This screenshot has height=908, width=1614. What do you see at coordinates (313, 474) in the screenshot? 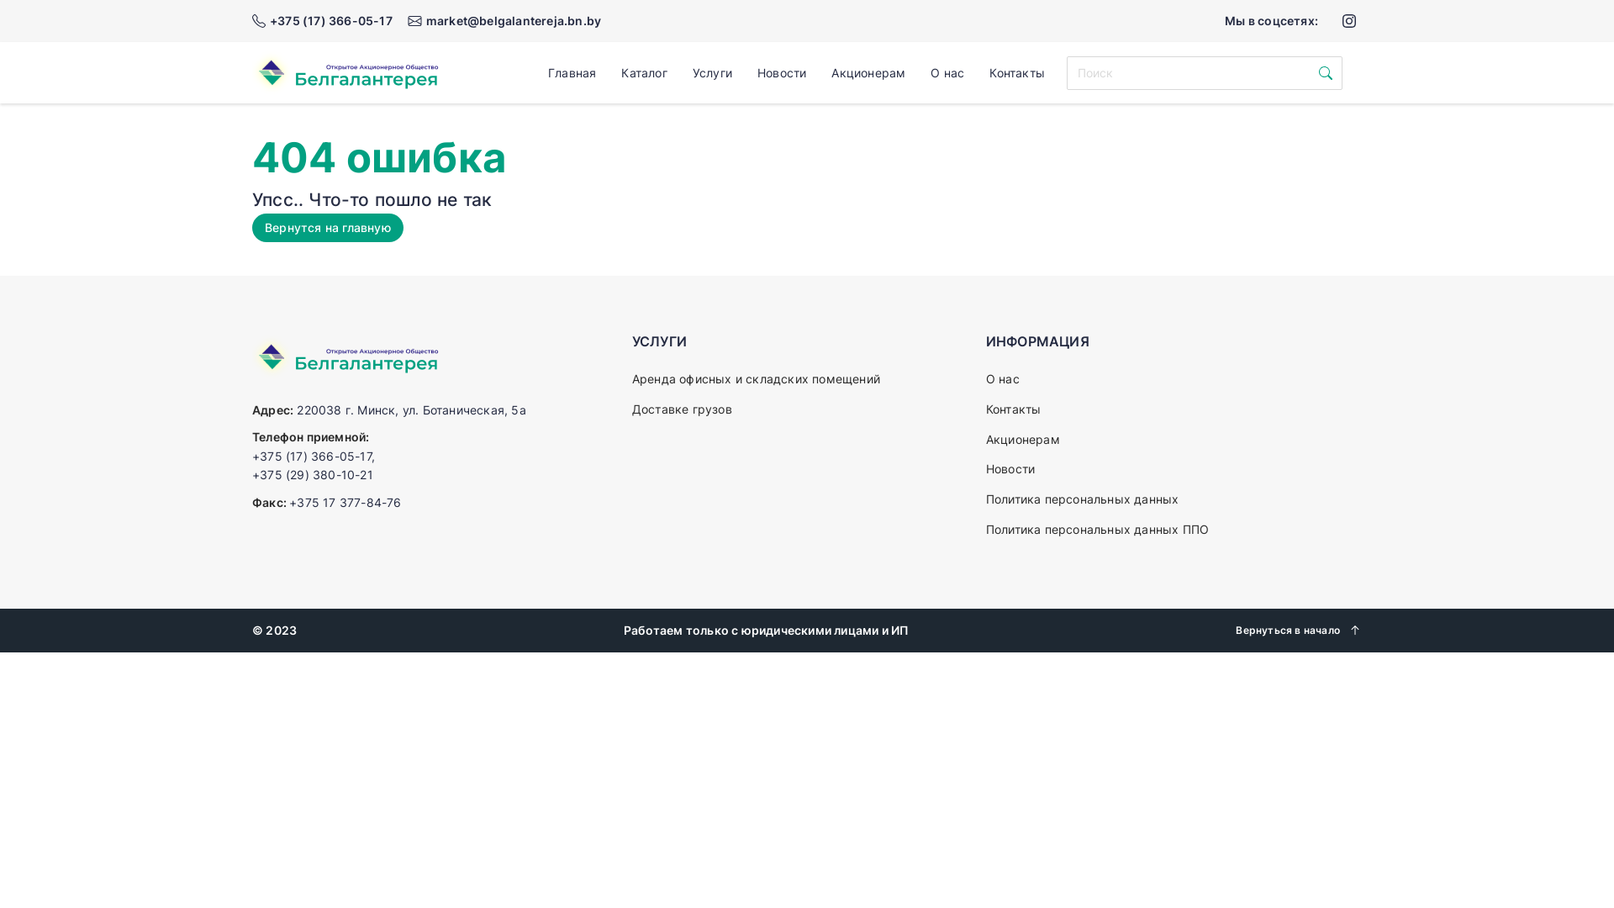
I see `'+375 (29) 380-10-21'` at bounding box center [313, 474].